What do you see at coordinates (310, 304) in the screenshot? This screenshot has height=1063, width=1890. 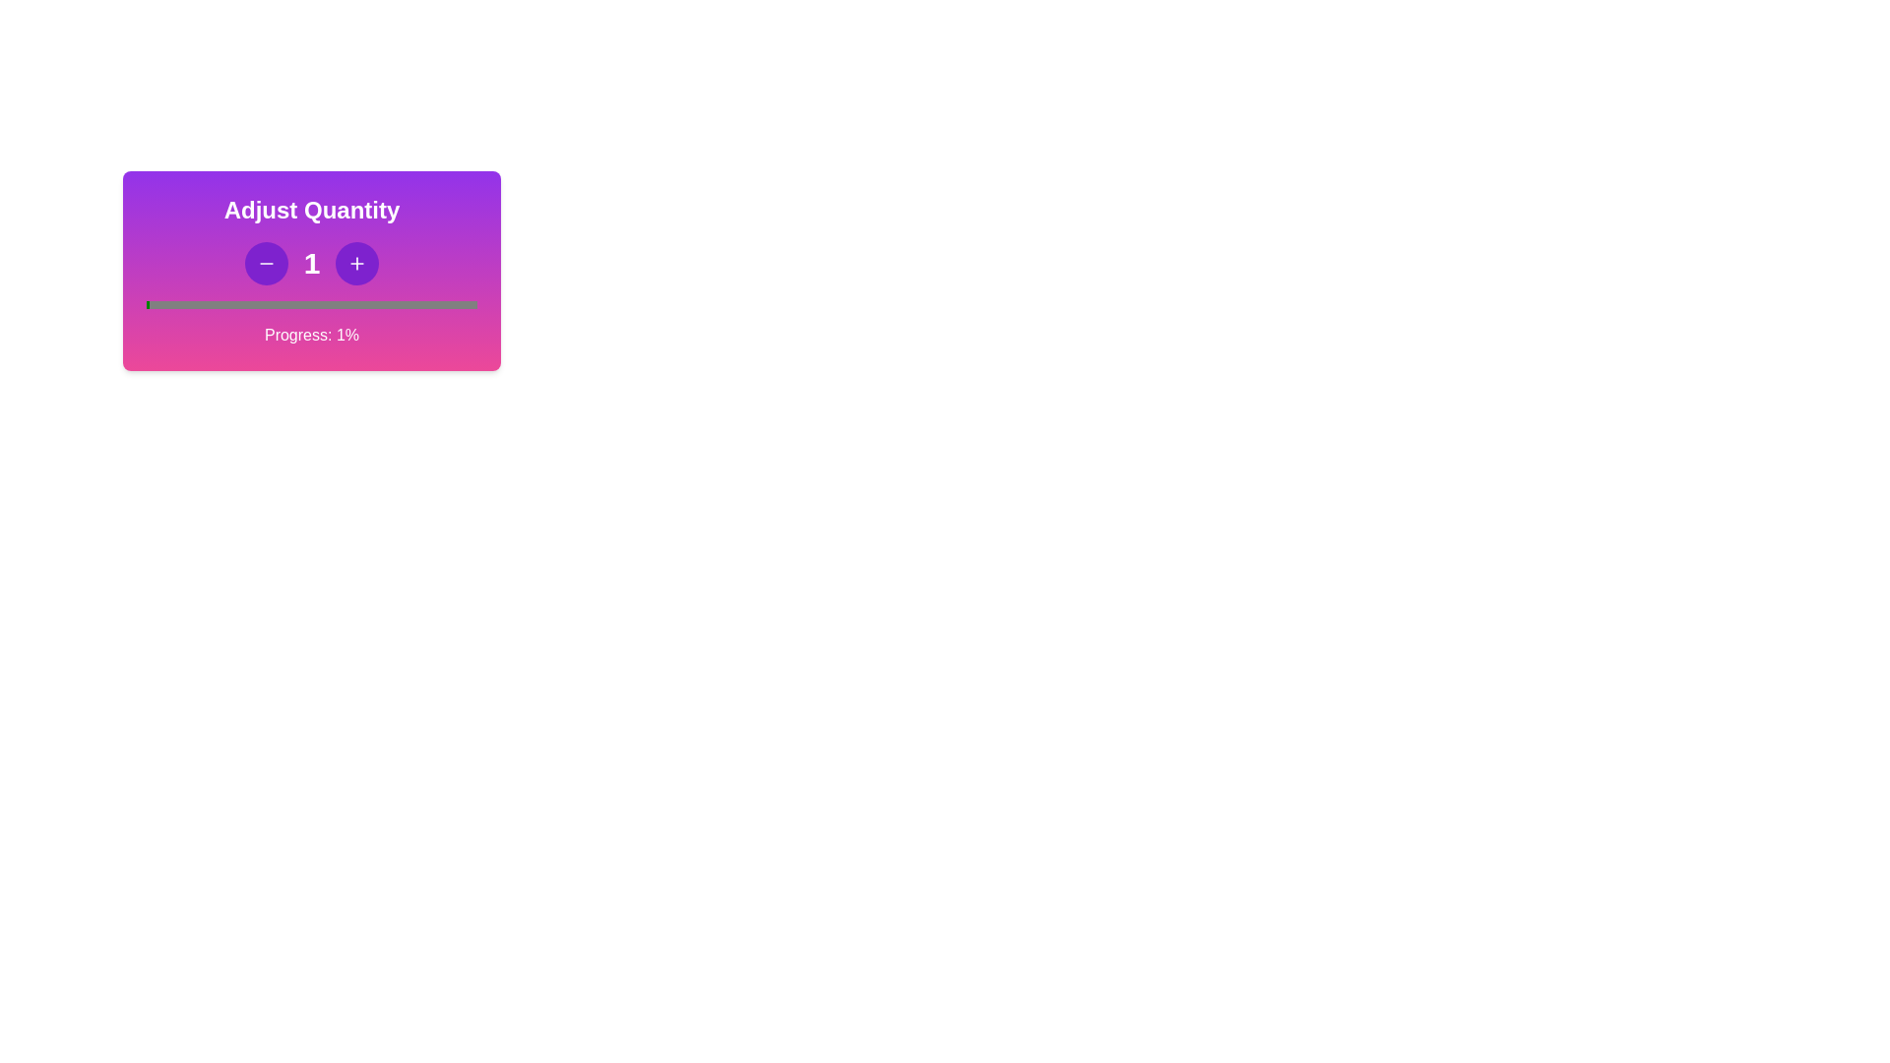 I see `horizontal progress bar that has a rounded appearance and is located below the numeric indicator and buttons in the 'Adjust Quantity' box, currently showing a value of 1%` at bounding box center [310, 304].